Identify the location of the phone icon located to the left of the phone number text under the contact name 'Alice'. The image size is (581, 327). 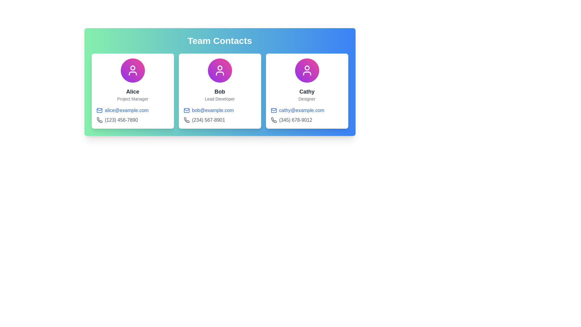
(99, 120).